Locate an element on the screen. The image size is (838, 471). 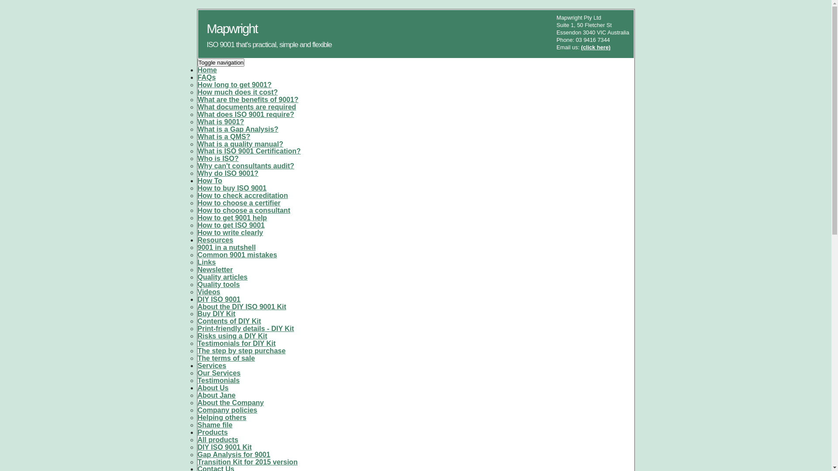
'Quality articles' is located at coordinates (222, 277).